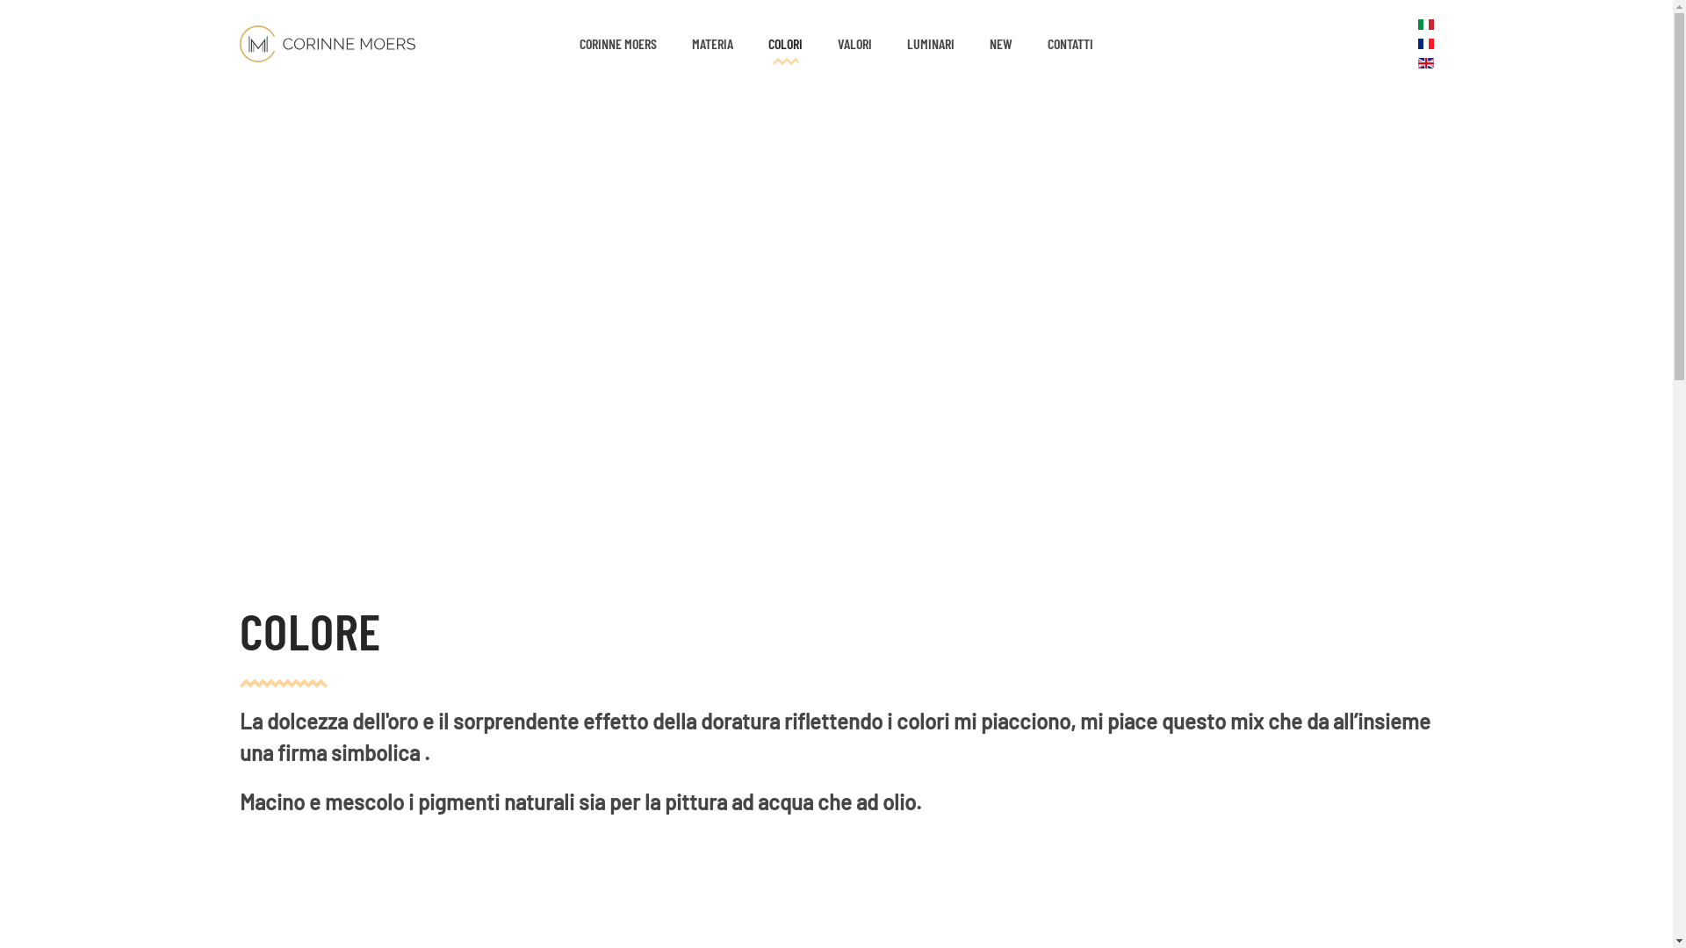 The image size is (1686, 948). Describe the element at coordinates (1424, 62) in the screenshot. I see `'English (United Kingdom)'` at that location.